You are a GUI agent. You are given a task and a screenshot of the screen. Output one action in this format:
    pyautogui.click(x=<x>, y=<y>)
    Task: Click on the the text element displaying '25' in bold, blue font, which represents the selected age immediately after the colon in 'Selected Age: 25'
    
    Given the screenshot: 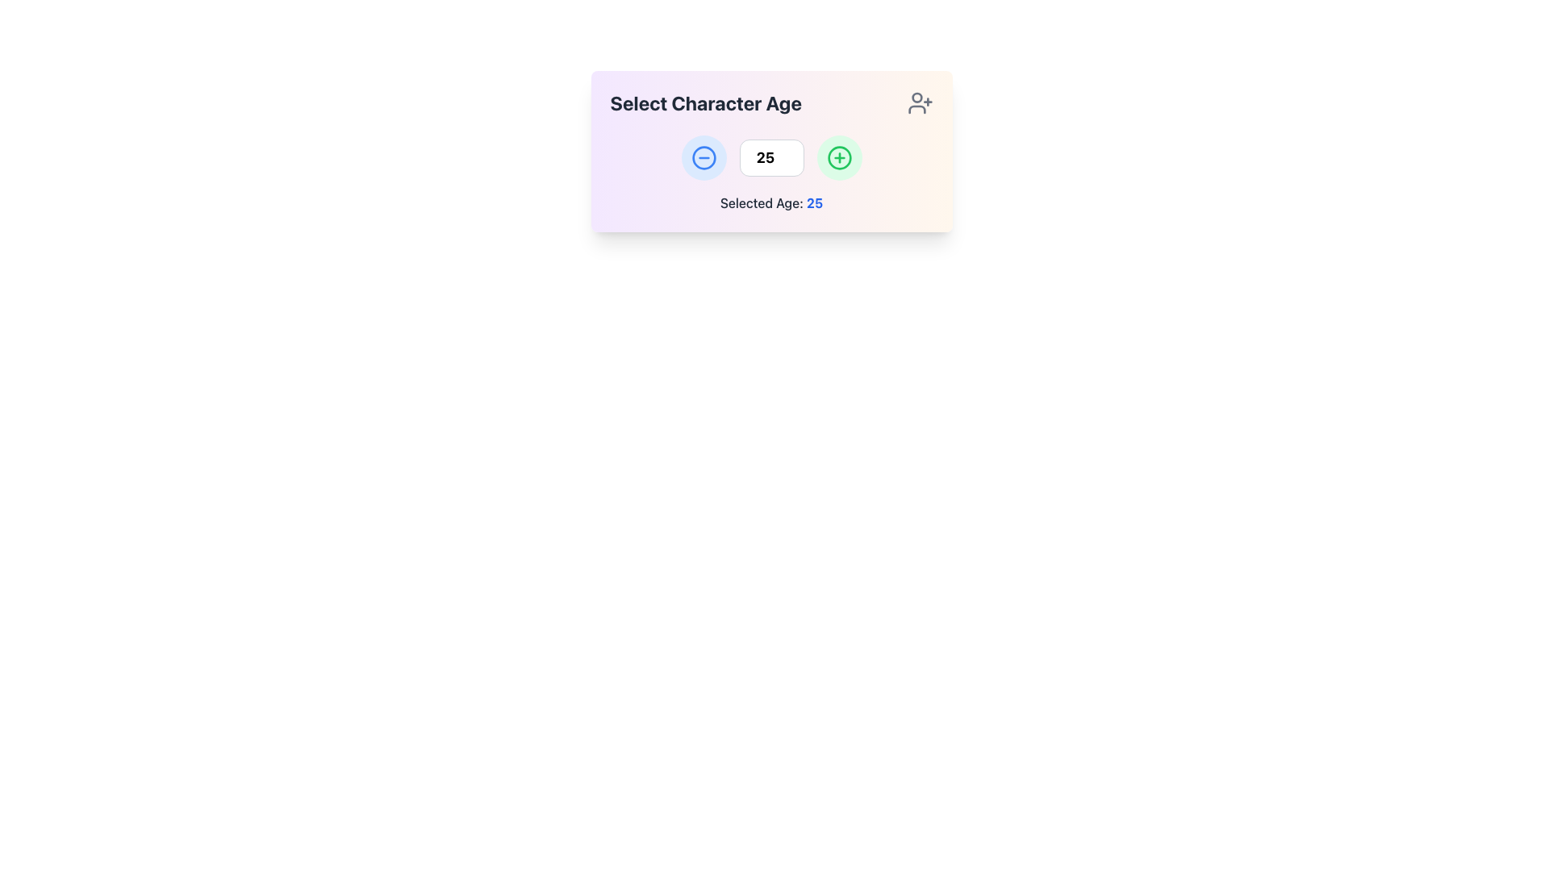 What is the action you would take?
    pyautogui.click(x=815, y=202)
    